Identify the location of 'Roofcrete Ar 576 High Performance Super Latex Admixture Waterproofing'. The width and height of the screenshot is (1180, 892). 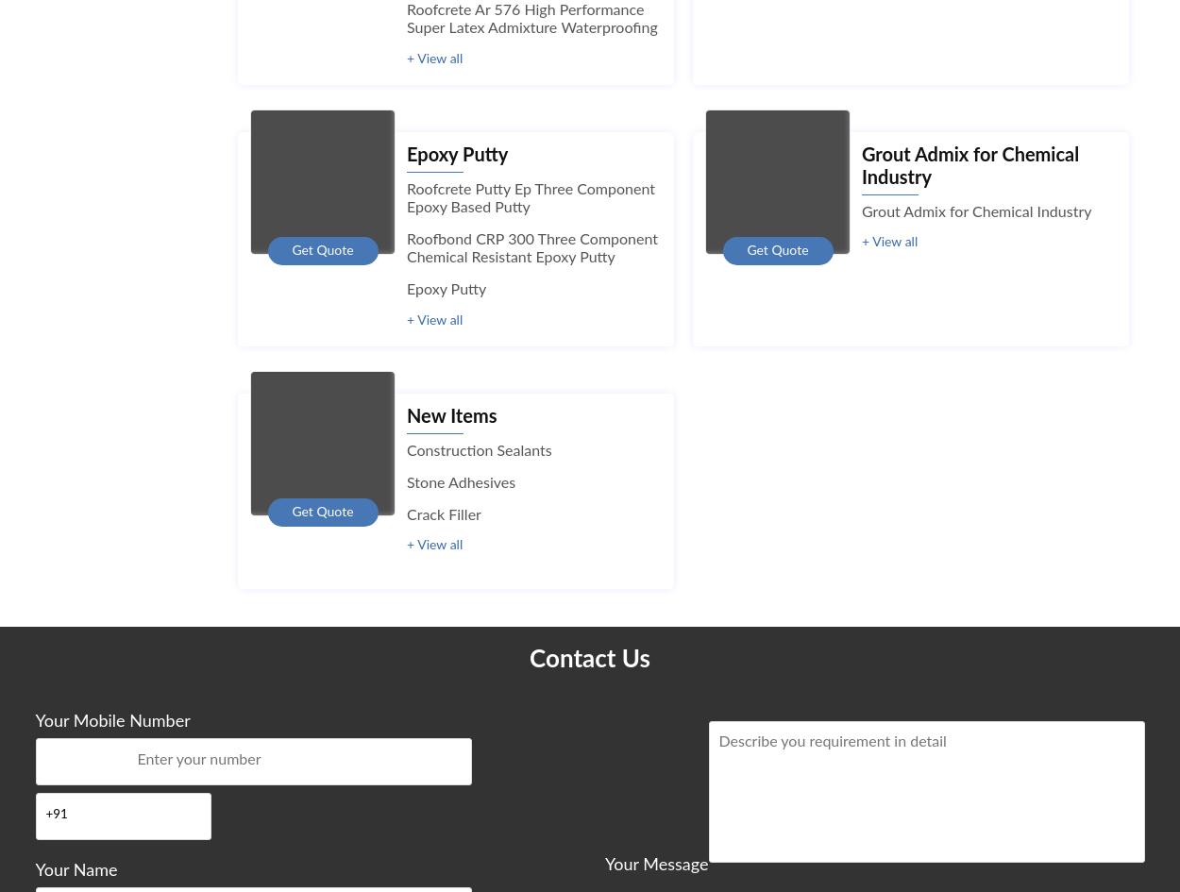
(407, 19).